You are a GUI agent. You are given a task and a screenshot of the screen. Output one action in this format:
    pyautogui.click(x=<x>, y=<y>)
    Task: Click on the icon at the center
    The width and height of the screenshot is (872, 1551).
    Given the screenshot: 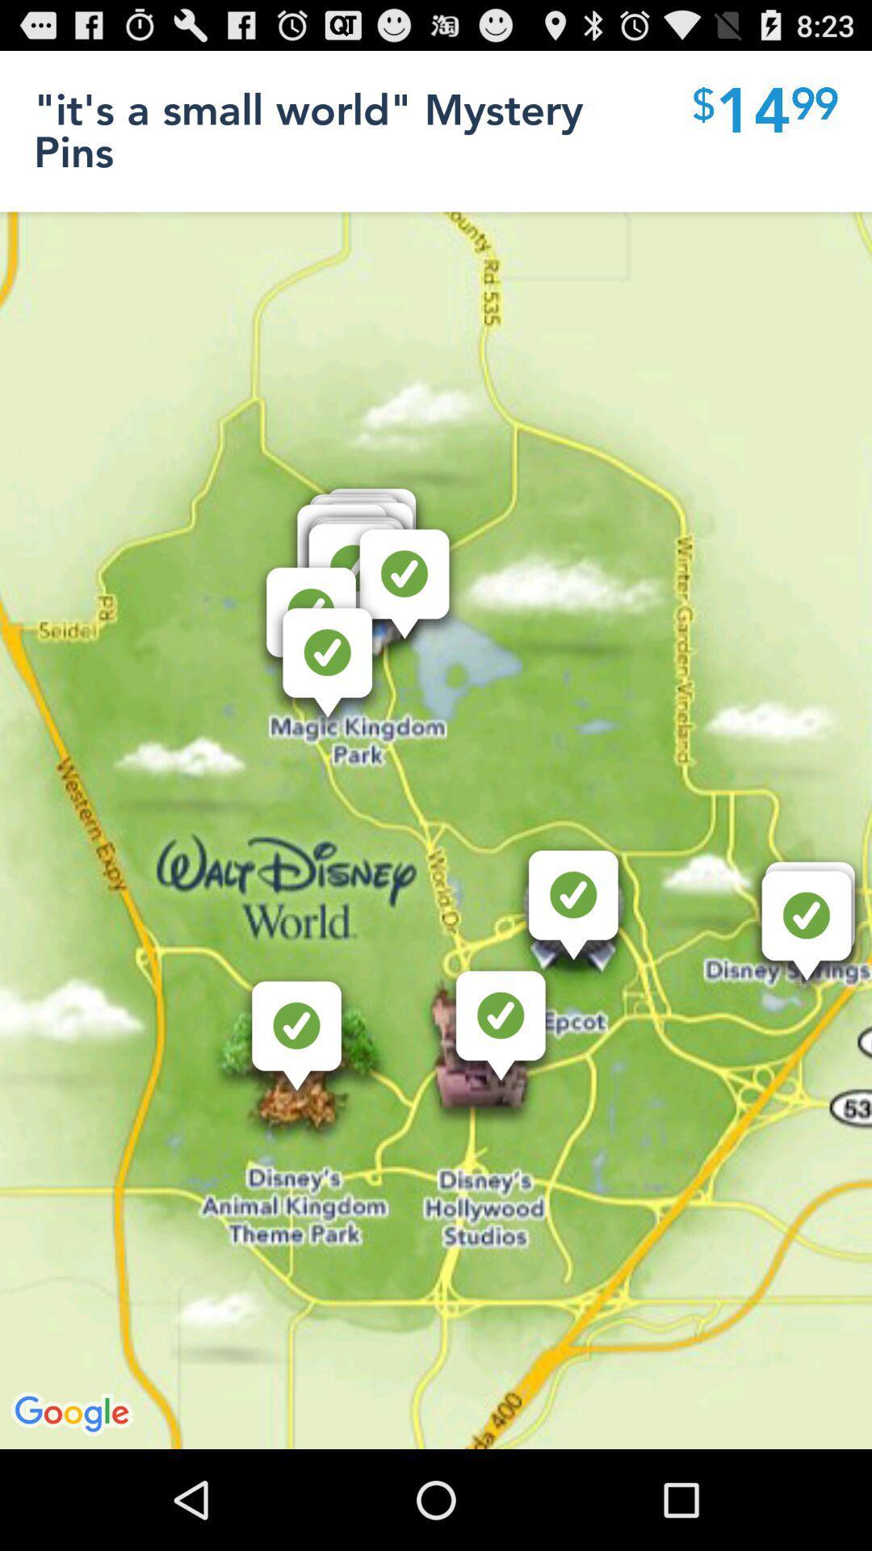 What is the action you would take?
    pyautogui.click(x=436, y=749)
    